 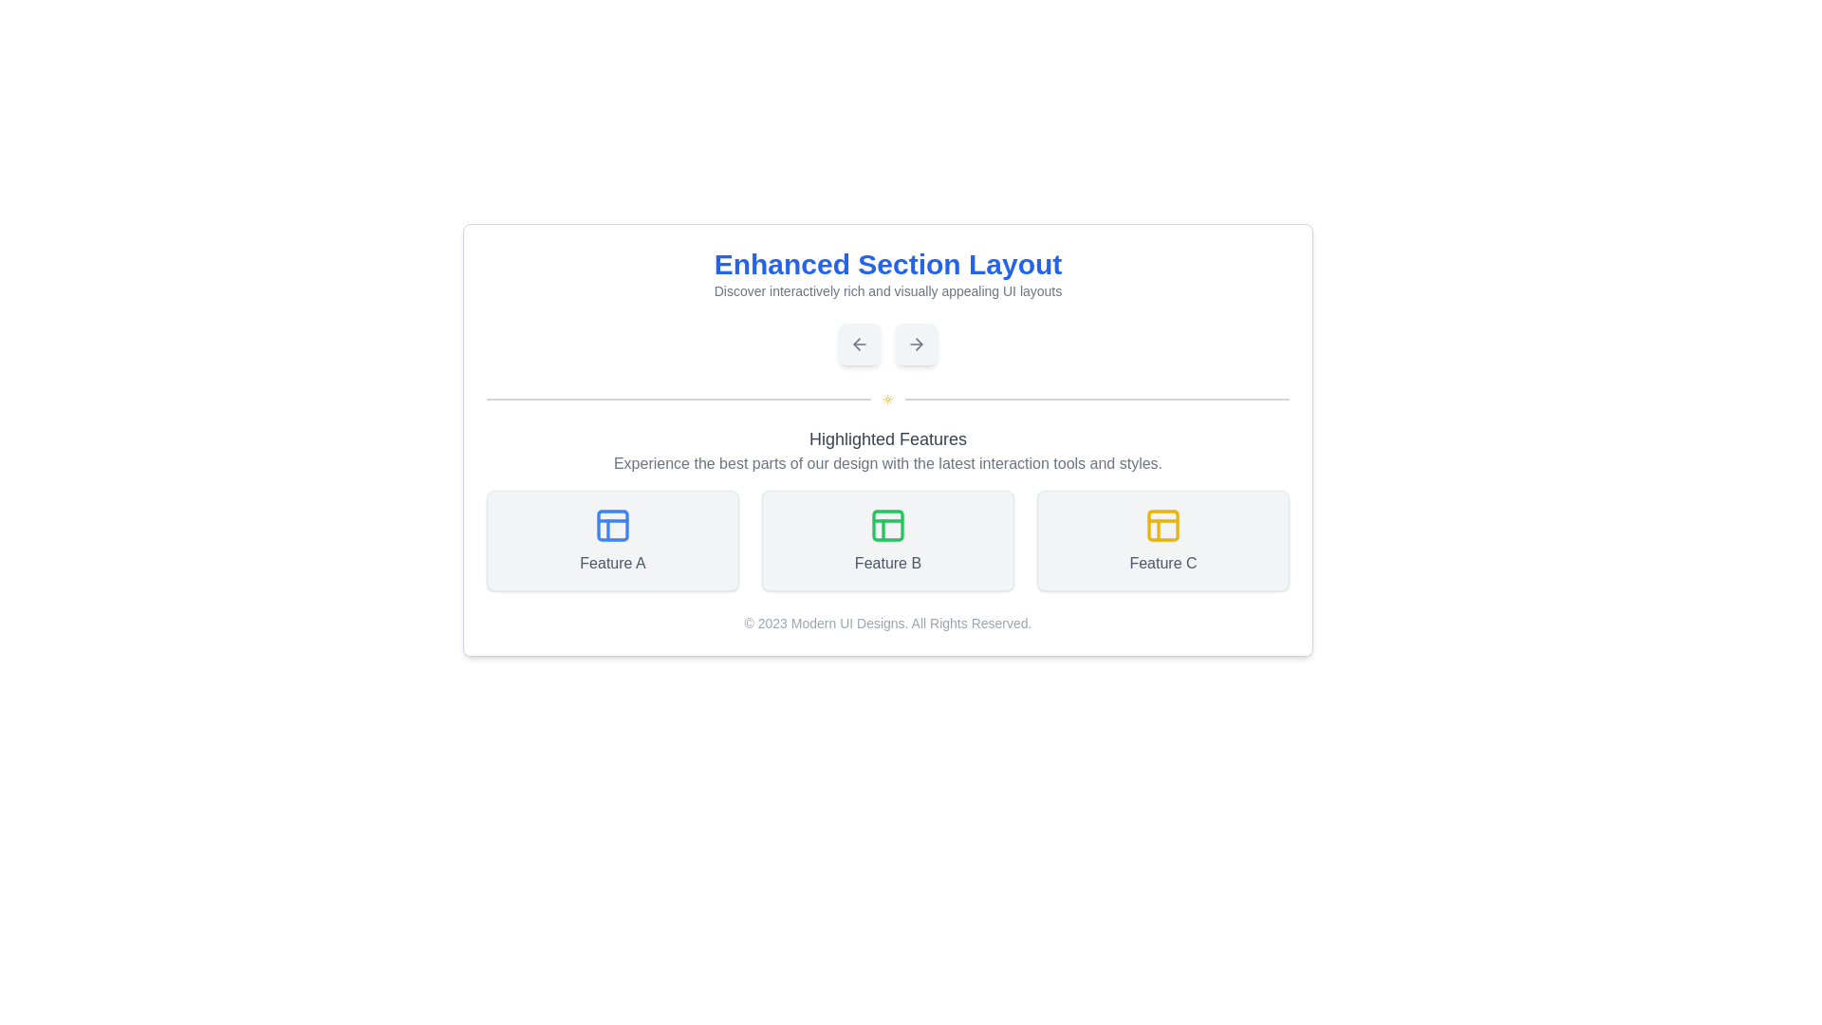 What do you see at coordinates (859, 344) in the screenshot?
I see `the first button from the left in the horizontal navigation controls` at bounding box center [859, 344].